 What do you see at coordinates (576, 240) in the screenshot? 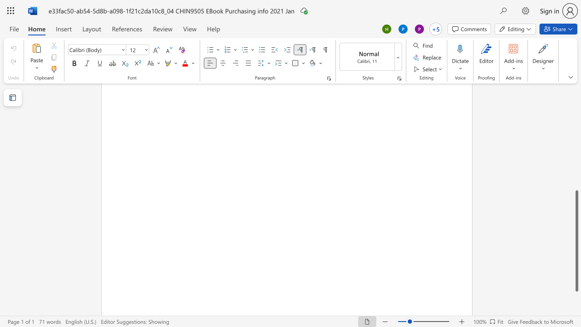
I see `the scrollbar and move down 100 pixels` at bounding box center [576, 240].